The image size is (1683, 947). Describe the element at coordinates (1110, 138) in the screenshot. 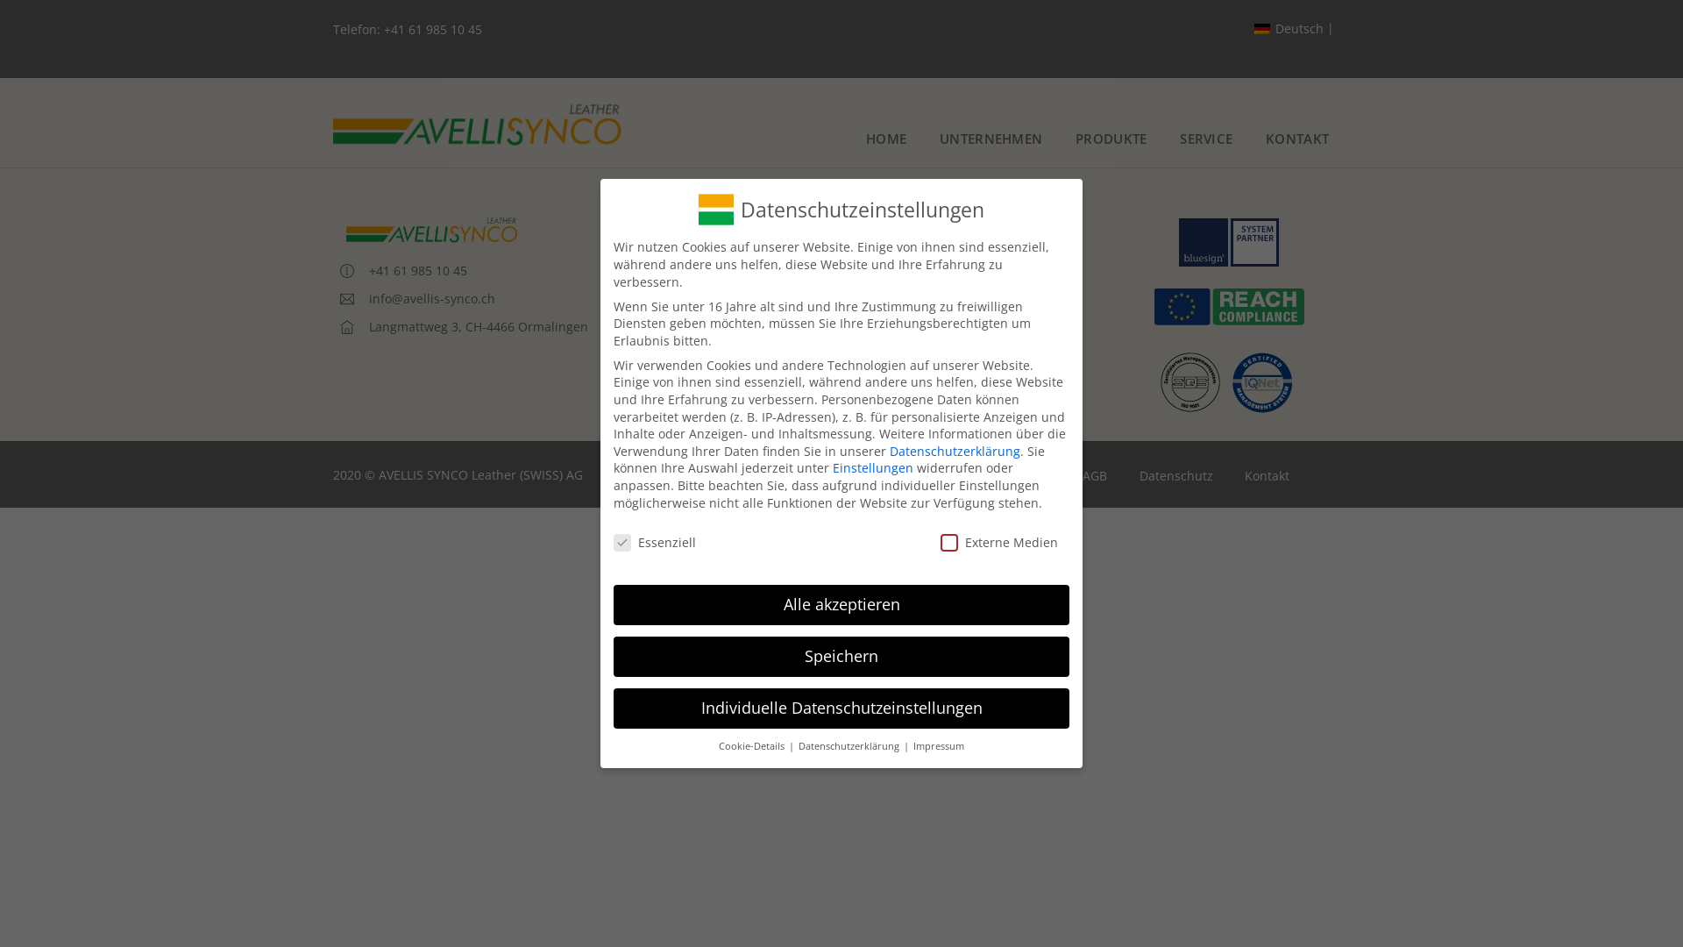

I see `'PRODUKTE'` at that location.